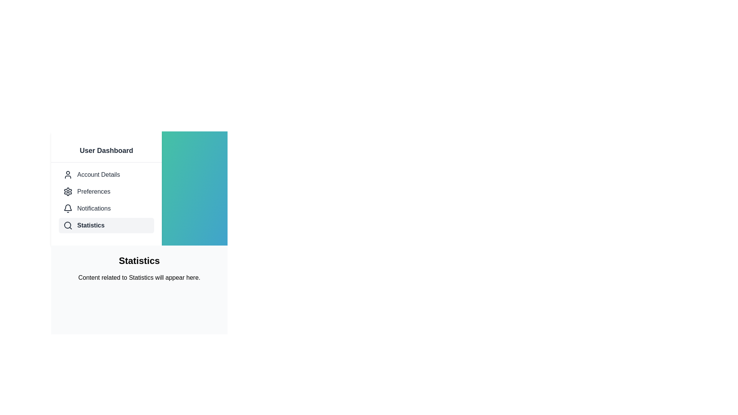  I want to click on the icons in the Vertical Navigation Menu, which features a white background and dark gray text, so click(106, 188).